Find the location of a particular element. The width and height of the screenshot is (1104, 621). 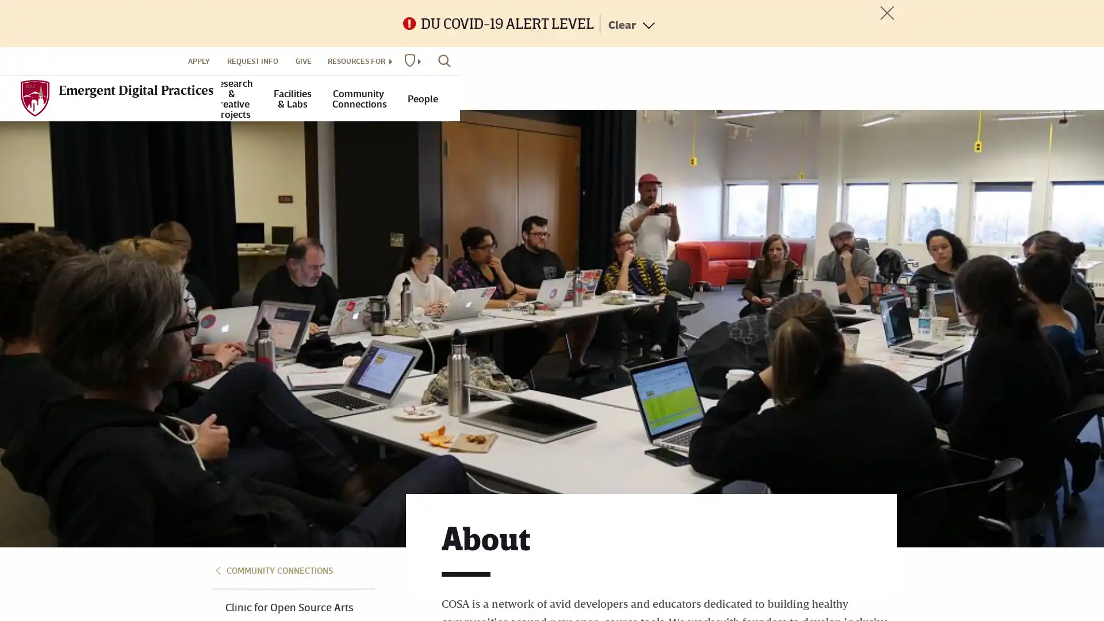

RESOURCES FOR is located at coordinates (795, 60).